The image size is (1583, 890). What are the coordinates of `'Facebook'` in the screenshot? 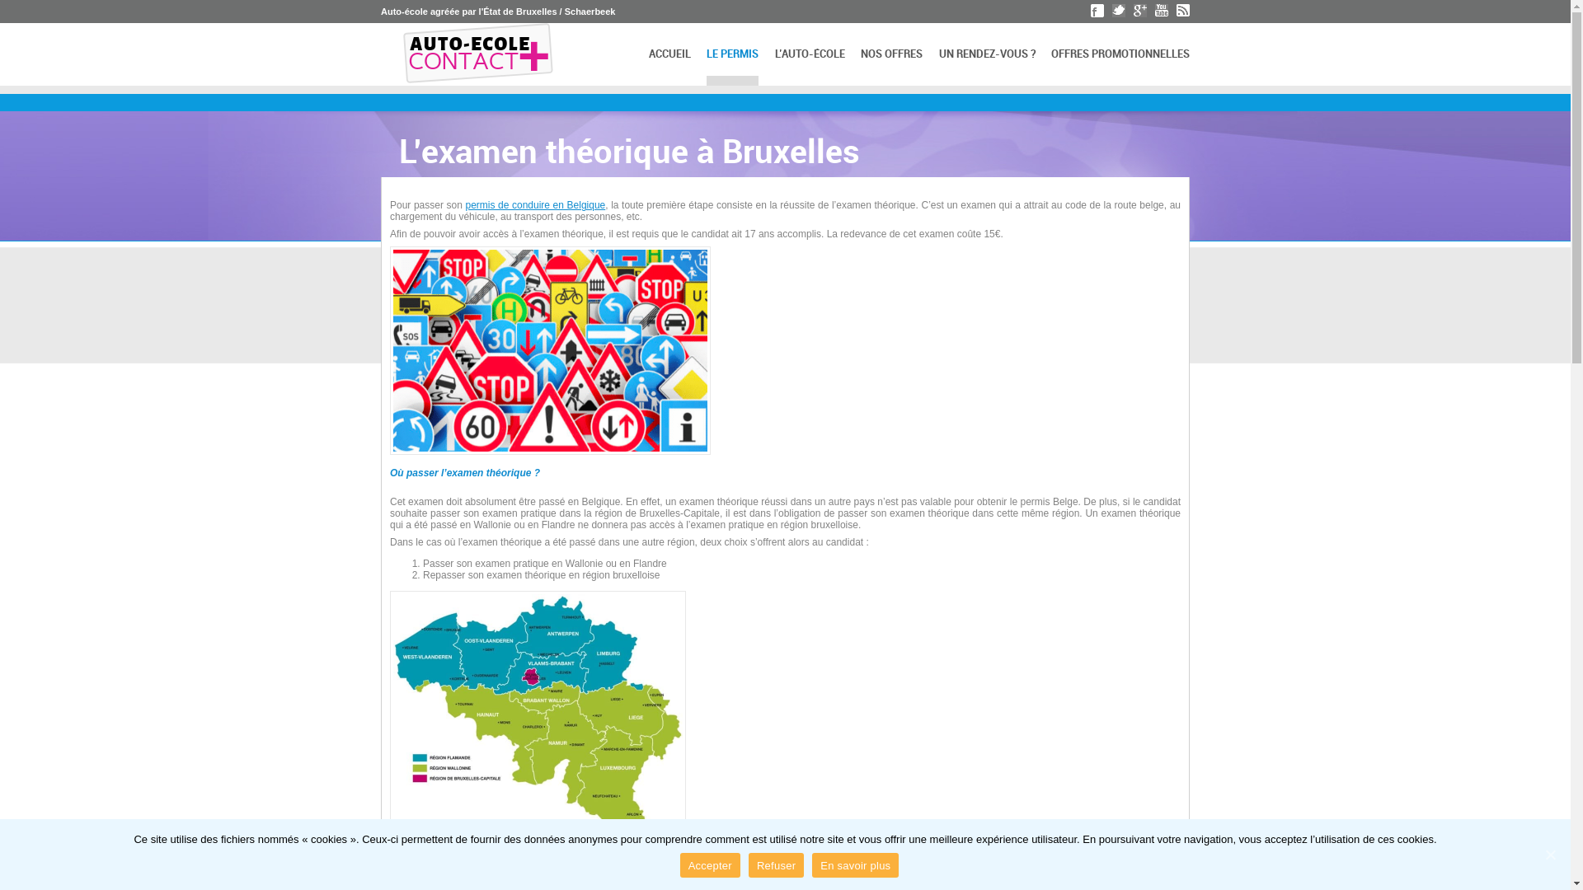 It's located at (1097, 10).